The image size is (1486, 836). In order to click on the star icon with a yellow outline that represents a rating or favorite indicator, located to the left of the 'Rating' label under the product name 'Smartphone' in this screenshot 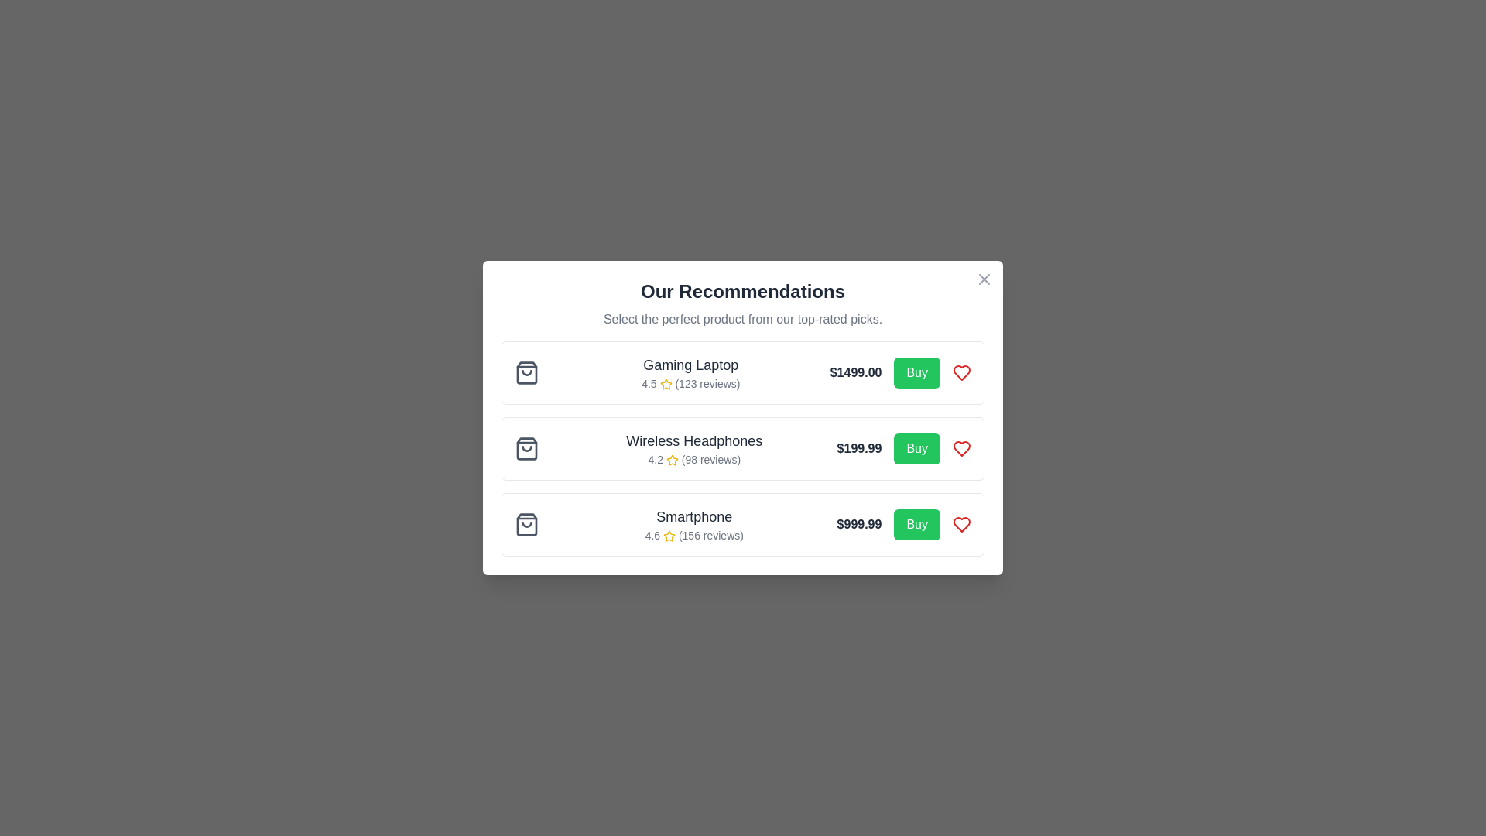, I will do `click(669, 536)`.